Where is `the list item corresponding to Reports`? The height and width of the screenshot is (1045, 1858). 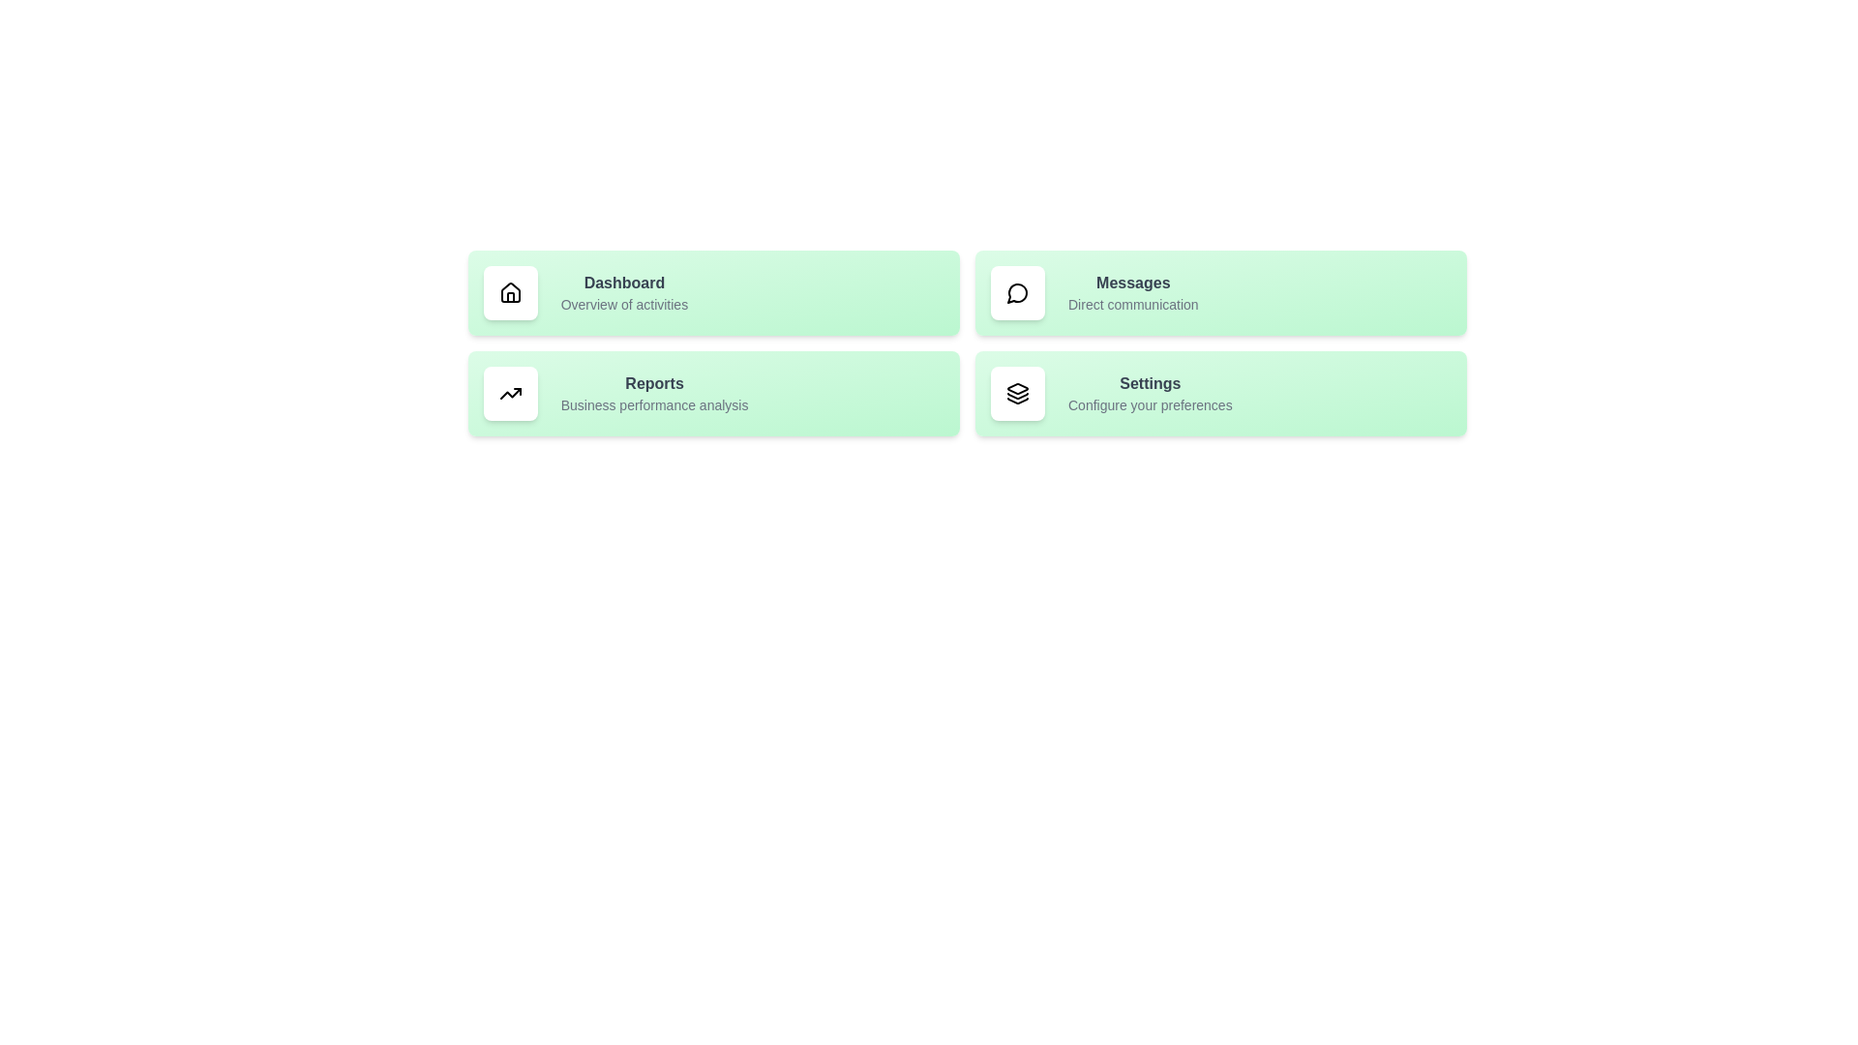 the list item corresponding to Reports is located at coordinates (712, 393).